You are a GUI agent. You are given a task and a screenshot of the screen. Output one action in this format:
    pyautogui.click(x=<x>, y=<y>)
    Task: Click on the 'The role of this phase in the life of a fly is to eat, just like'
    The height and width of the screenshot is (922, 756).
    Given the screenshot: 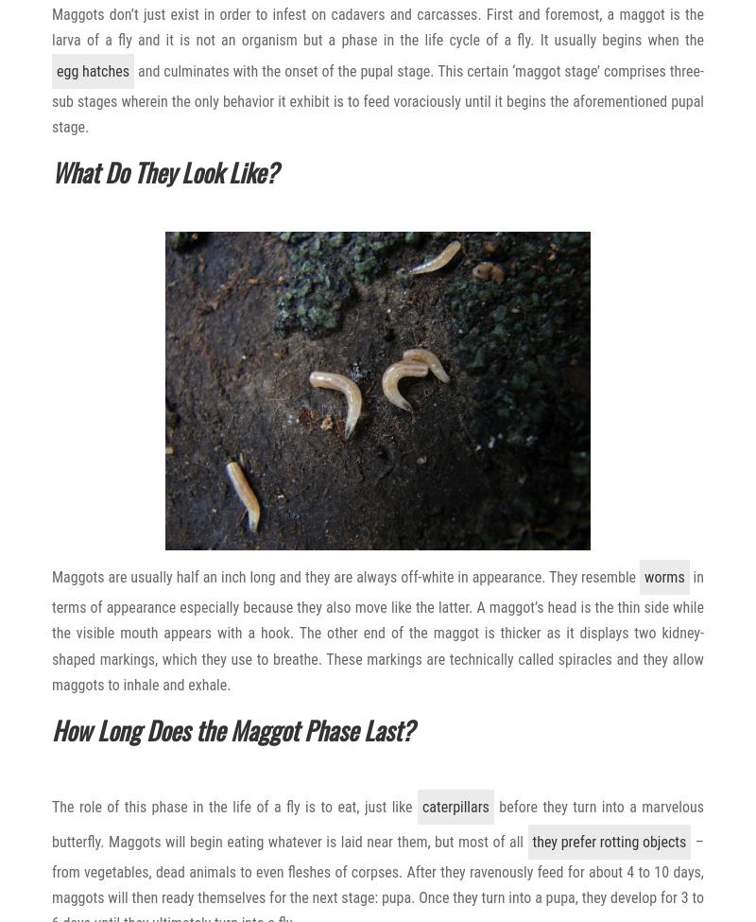 What is the action you would take?
    pyautogui.click(x=233, y=806)
    